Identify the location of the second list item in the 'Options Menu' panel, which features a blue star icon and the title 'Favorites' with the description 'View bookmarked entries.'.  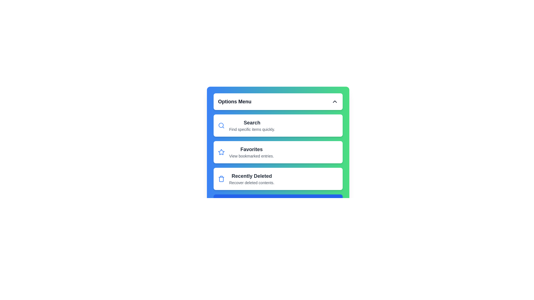
(278, 162).